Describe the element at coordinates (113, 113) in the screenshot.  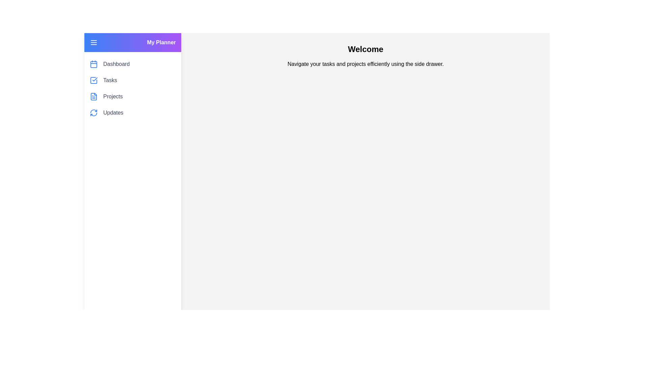
I see `the menu item labeled Updates` at that location.